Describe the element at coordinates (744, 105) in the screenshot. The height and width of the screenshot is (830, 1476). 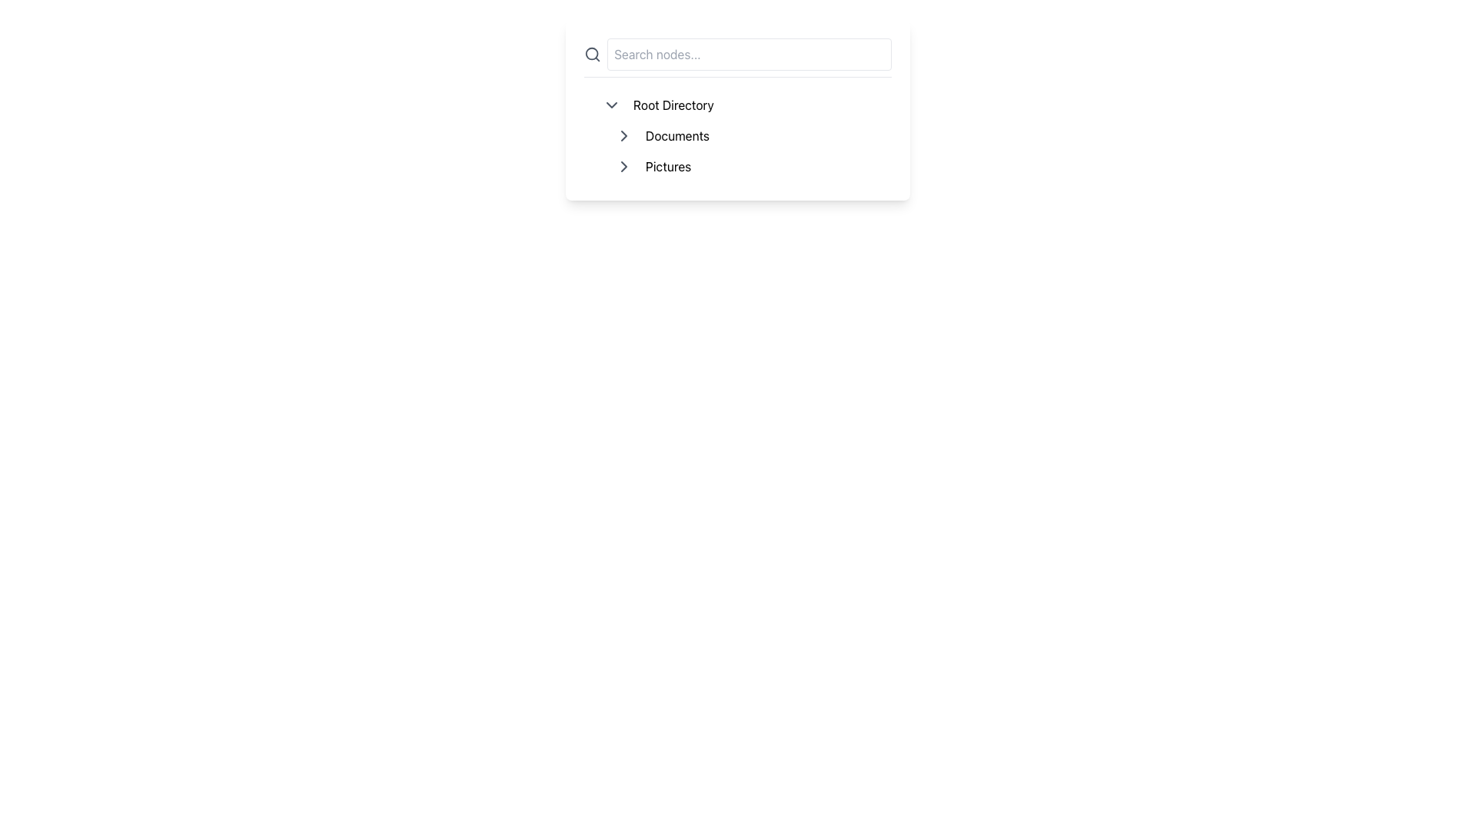
I see `the 'Root Directory' collapsible menu entry to trigger a visual highlight effect` at that location.